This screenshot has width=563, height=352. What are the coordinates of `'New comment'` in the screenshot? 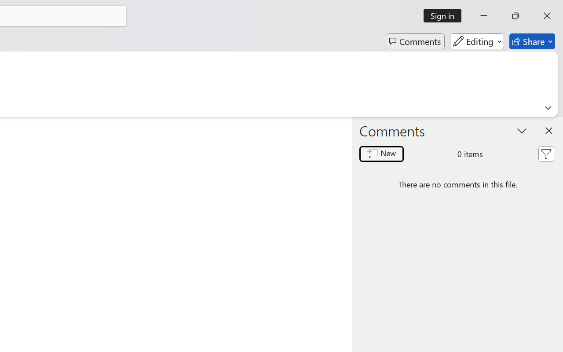 It's located at (381, 154).